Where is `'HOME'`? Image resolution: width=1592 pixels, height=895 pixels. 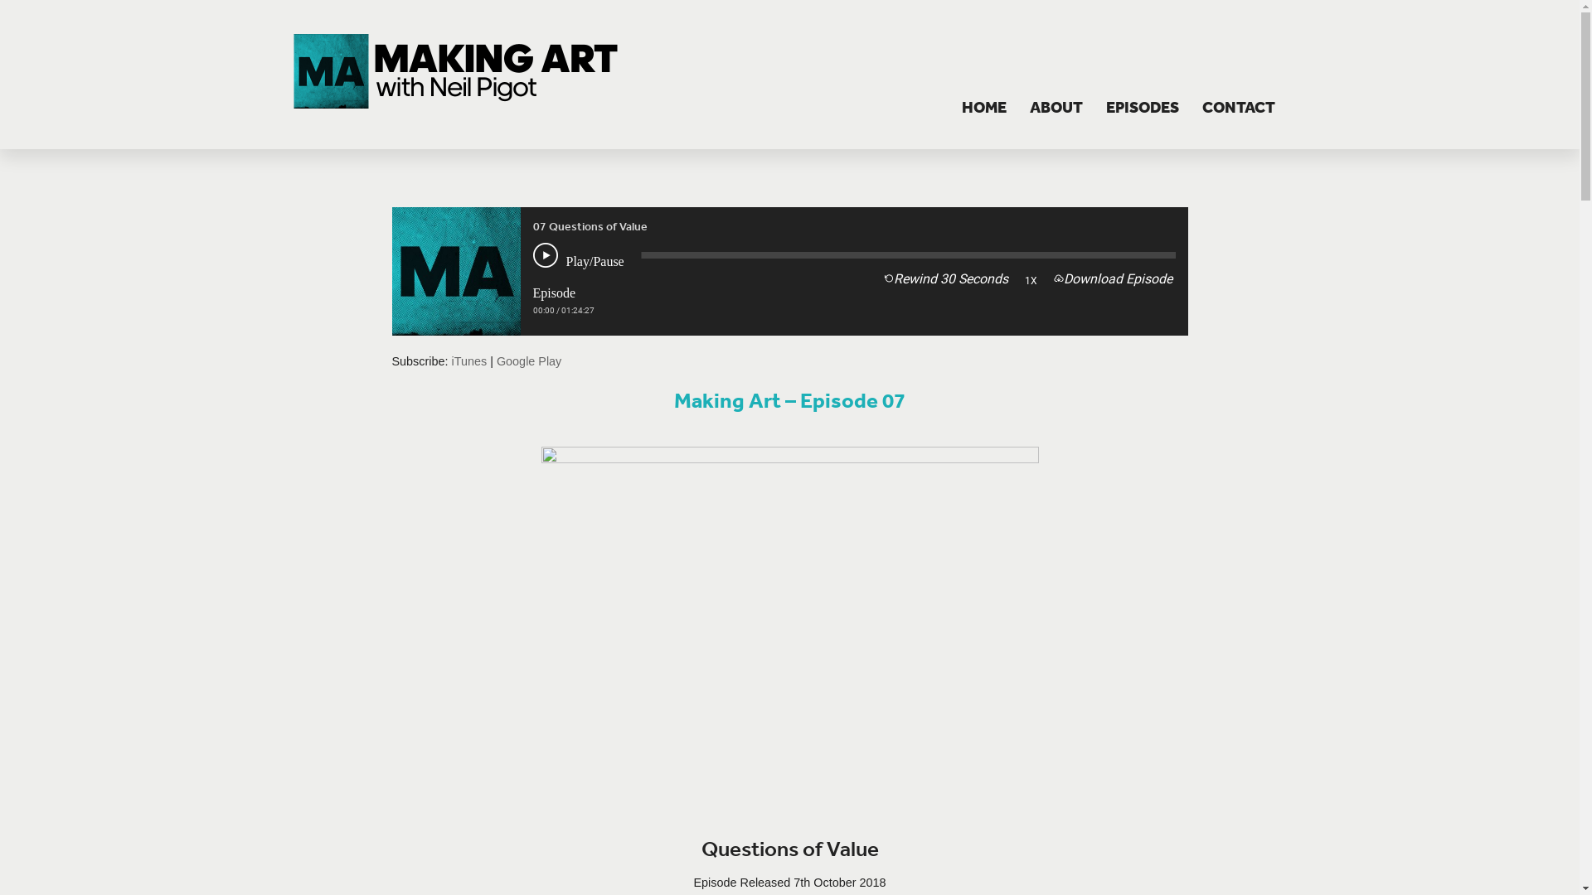 'HOME' is located at coordinates (983, 107).